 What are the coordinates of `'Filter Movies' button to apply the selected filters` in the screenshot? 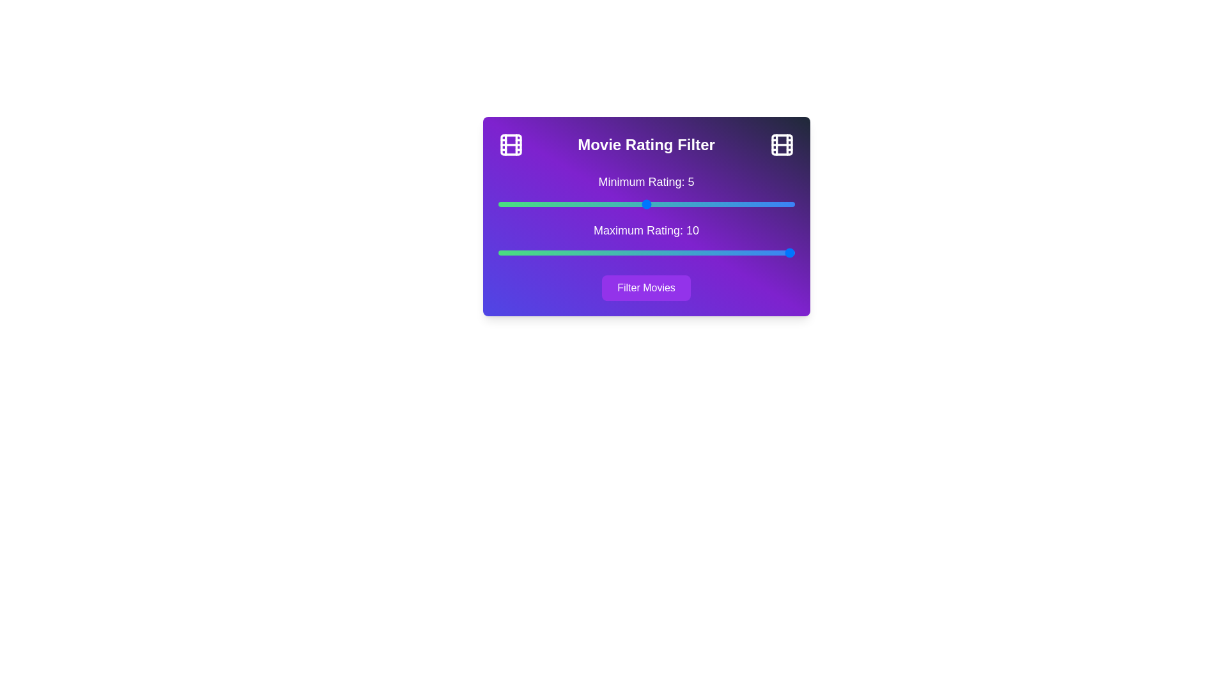 It's located at (646, 288).